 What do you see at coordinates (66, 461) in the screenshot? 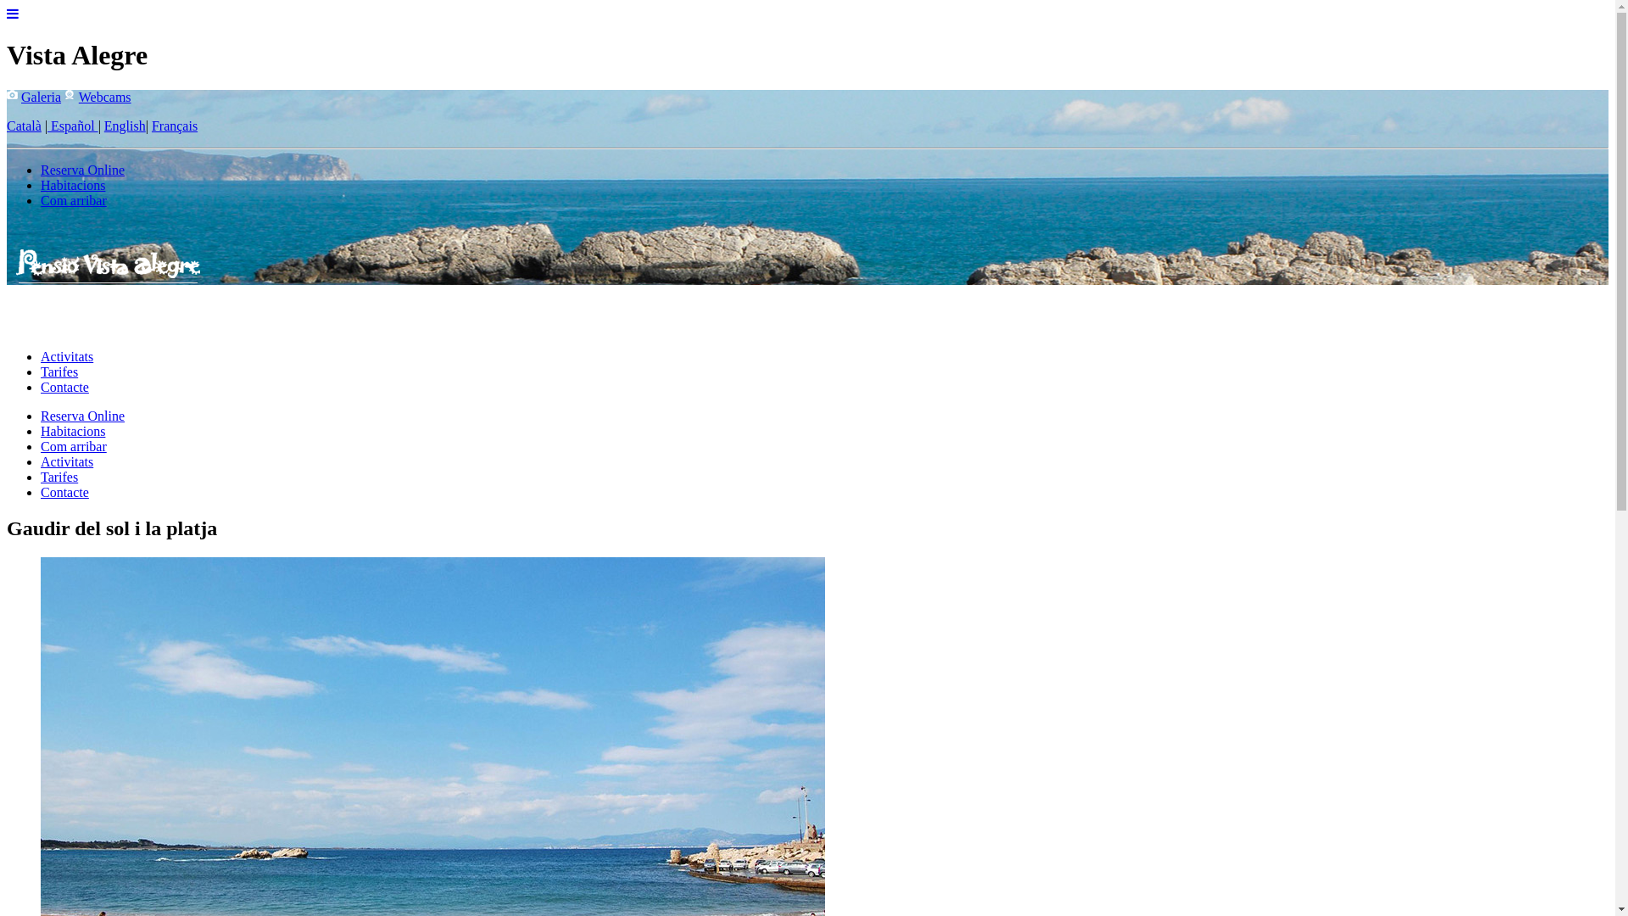
I see `'Activitats'` at bounding box center [66, 461].